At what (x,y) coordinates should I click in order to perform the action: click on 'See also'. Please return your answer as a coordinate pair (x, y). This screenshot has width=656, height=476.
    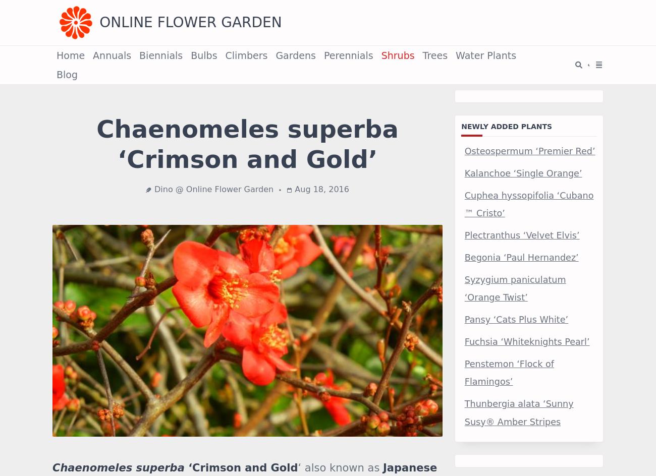
    Looking at the image, I should click on (76, 40).